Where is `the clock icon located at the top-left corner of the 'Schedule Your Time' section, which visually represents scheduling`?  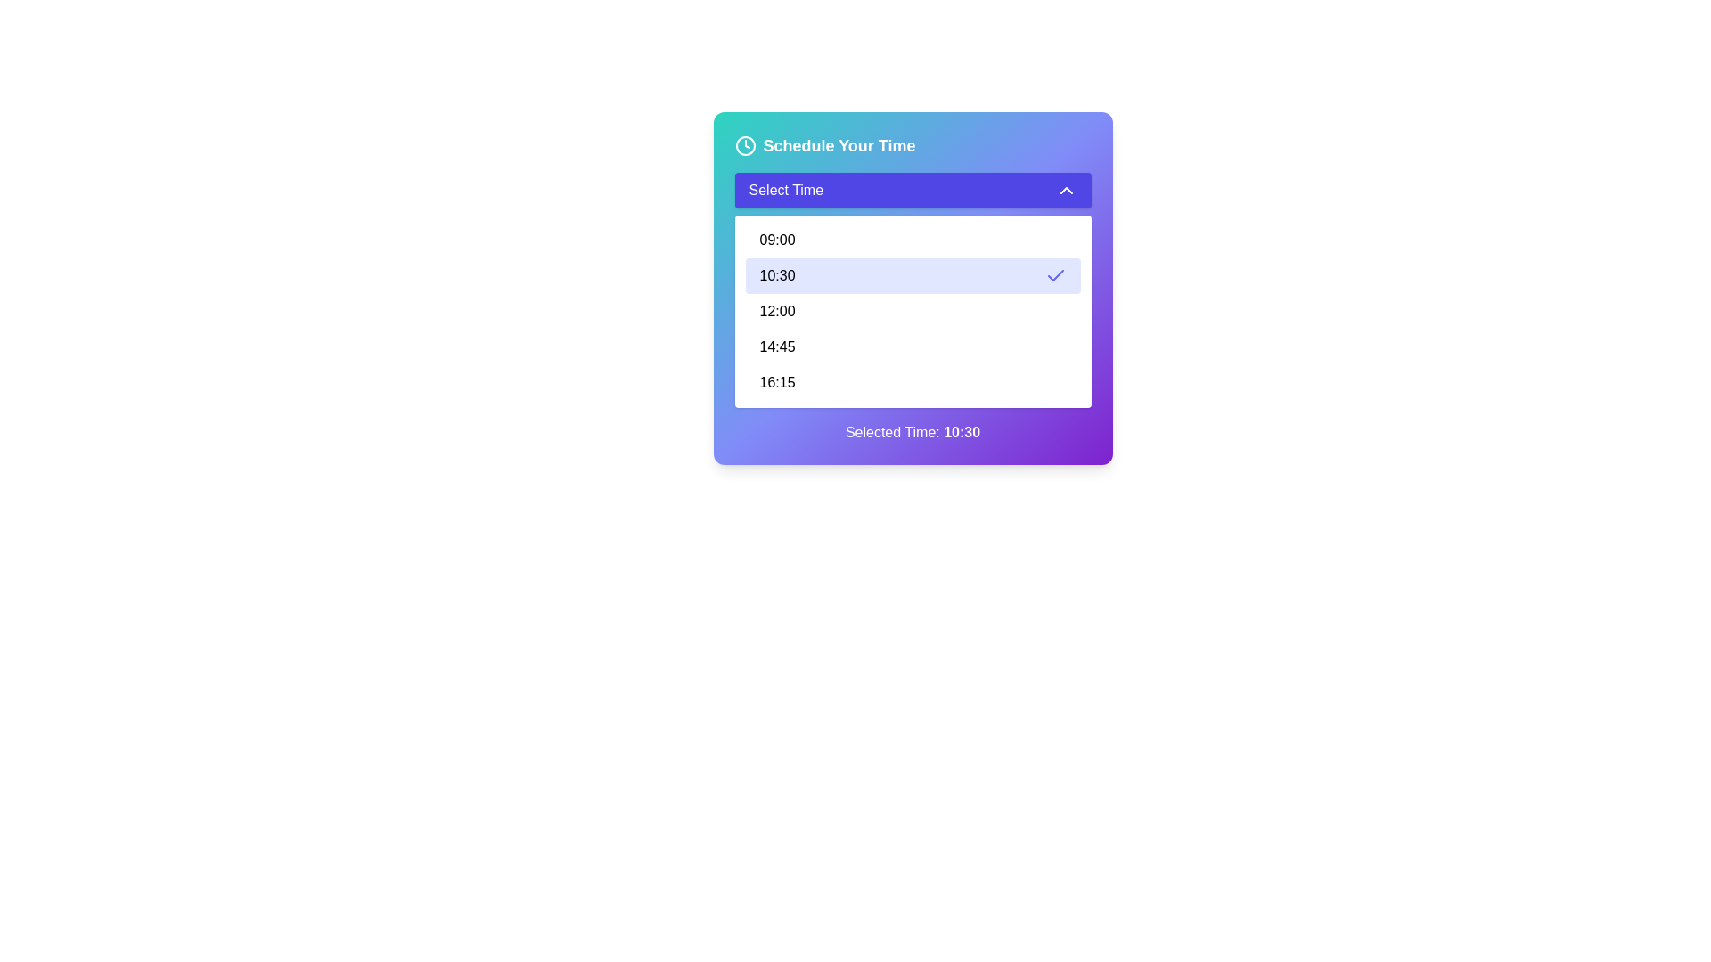 the clock icon located at the top-left corner of the 'Schedule Your Time' section, which visually represents scheduling is located at coordinates (745, 145).